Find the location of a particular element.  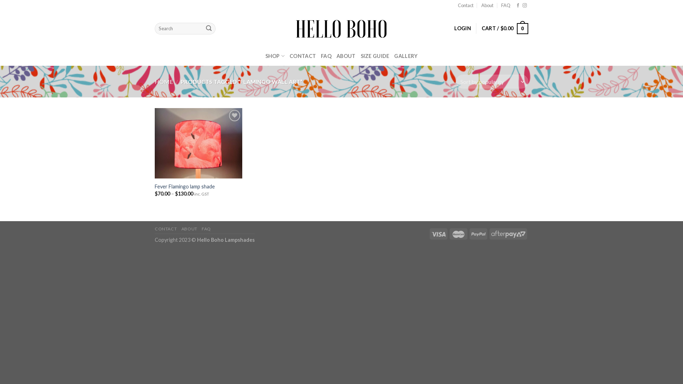

'Follow on Facebook' is located at coordinates (518, 5).